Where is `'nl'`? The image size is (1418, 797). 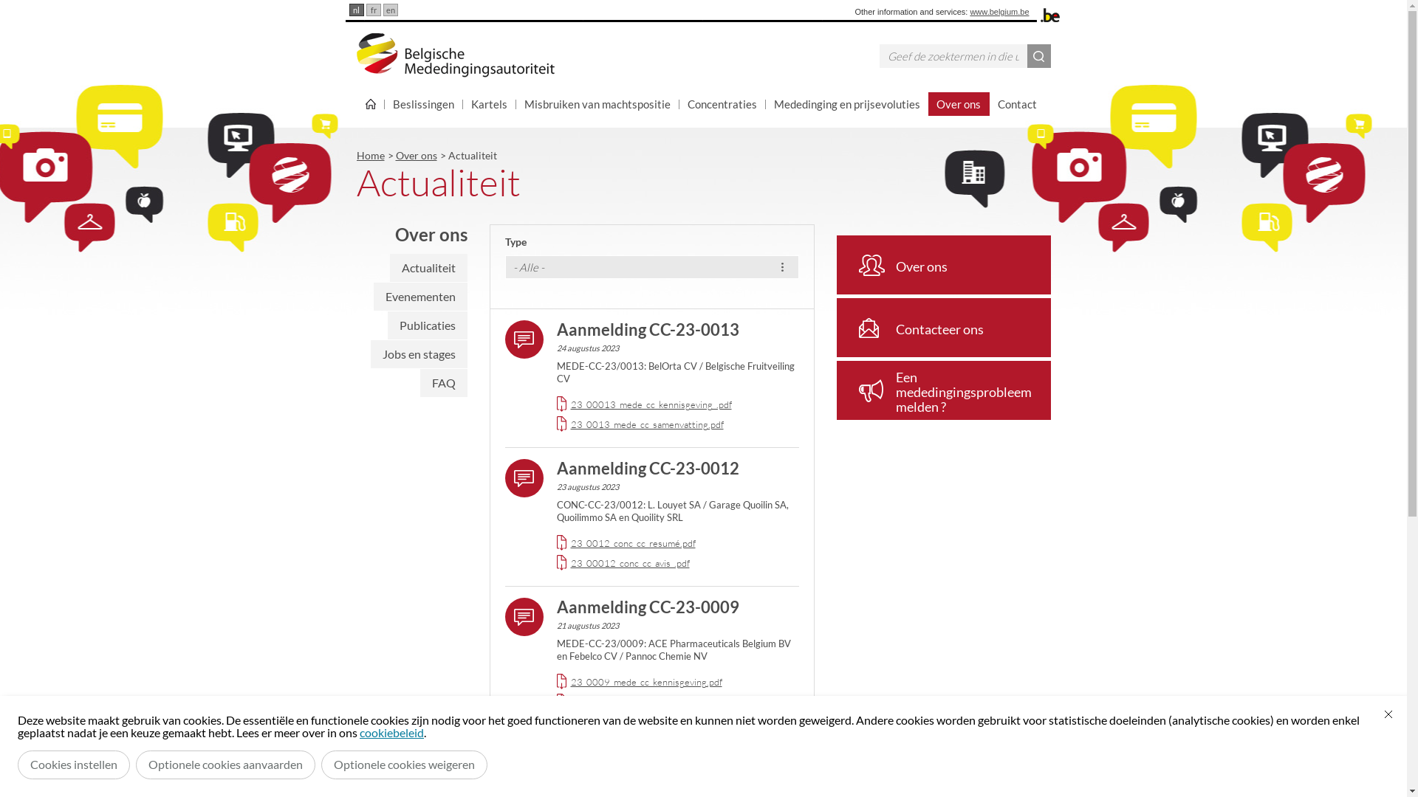 'nl' is located at coordinates (347, 10).